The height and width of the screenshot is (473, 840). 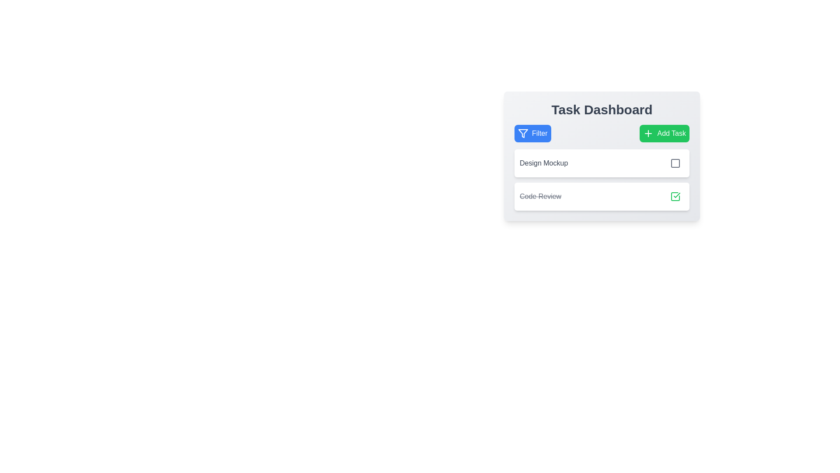 What do you see at coordinates (675, 196) in the screenshot?
I see `the task completion icon located at the far right of the last row, next to the 'Code Review' text` at bounding box center [675, 196].